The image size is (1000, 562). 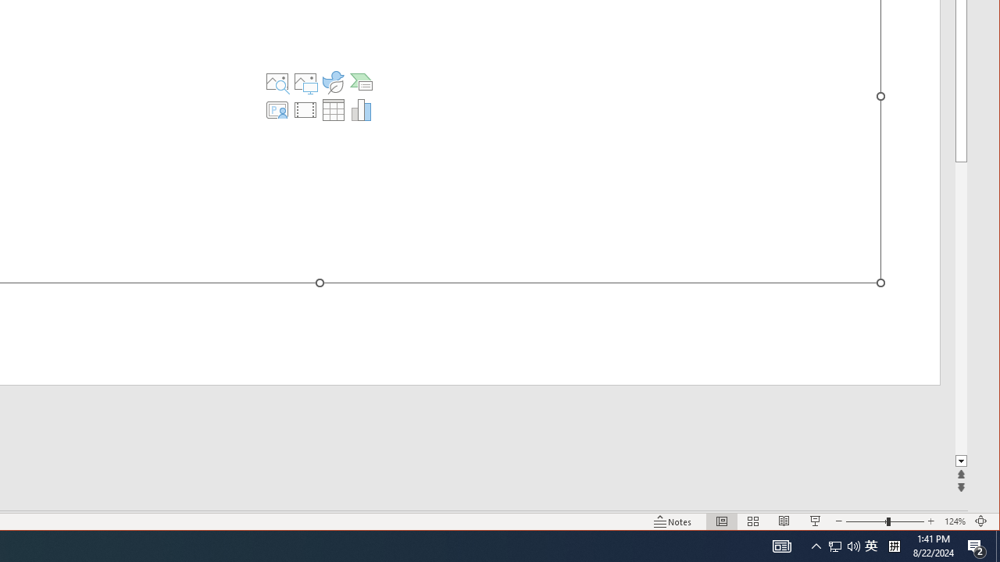 What do you see at coordinates (360, 82) in the screenshot?
I see `'Insert a SmartArt Graphic'` at bounding box center [360, 82].